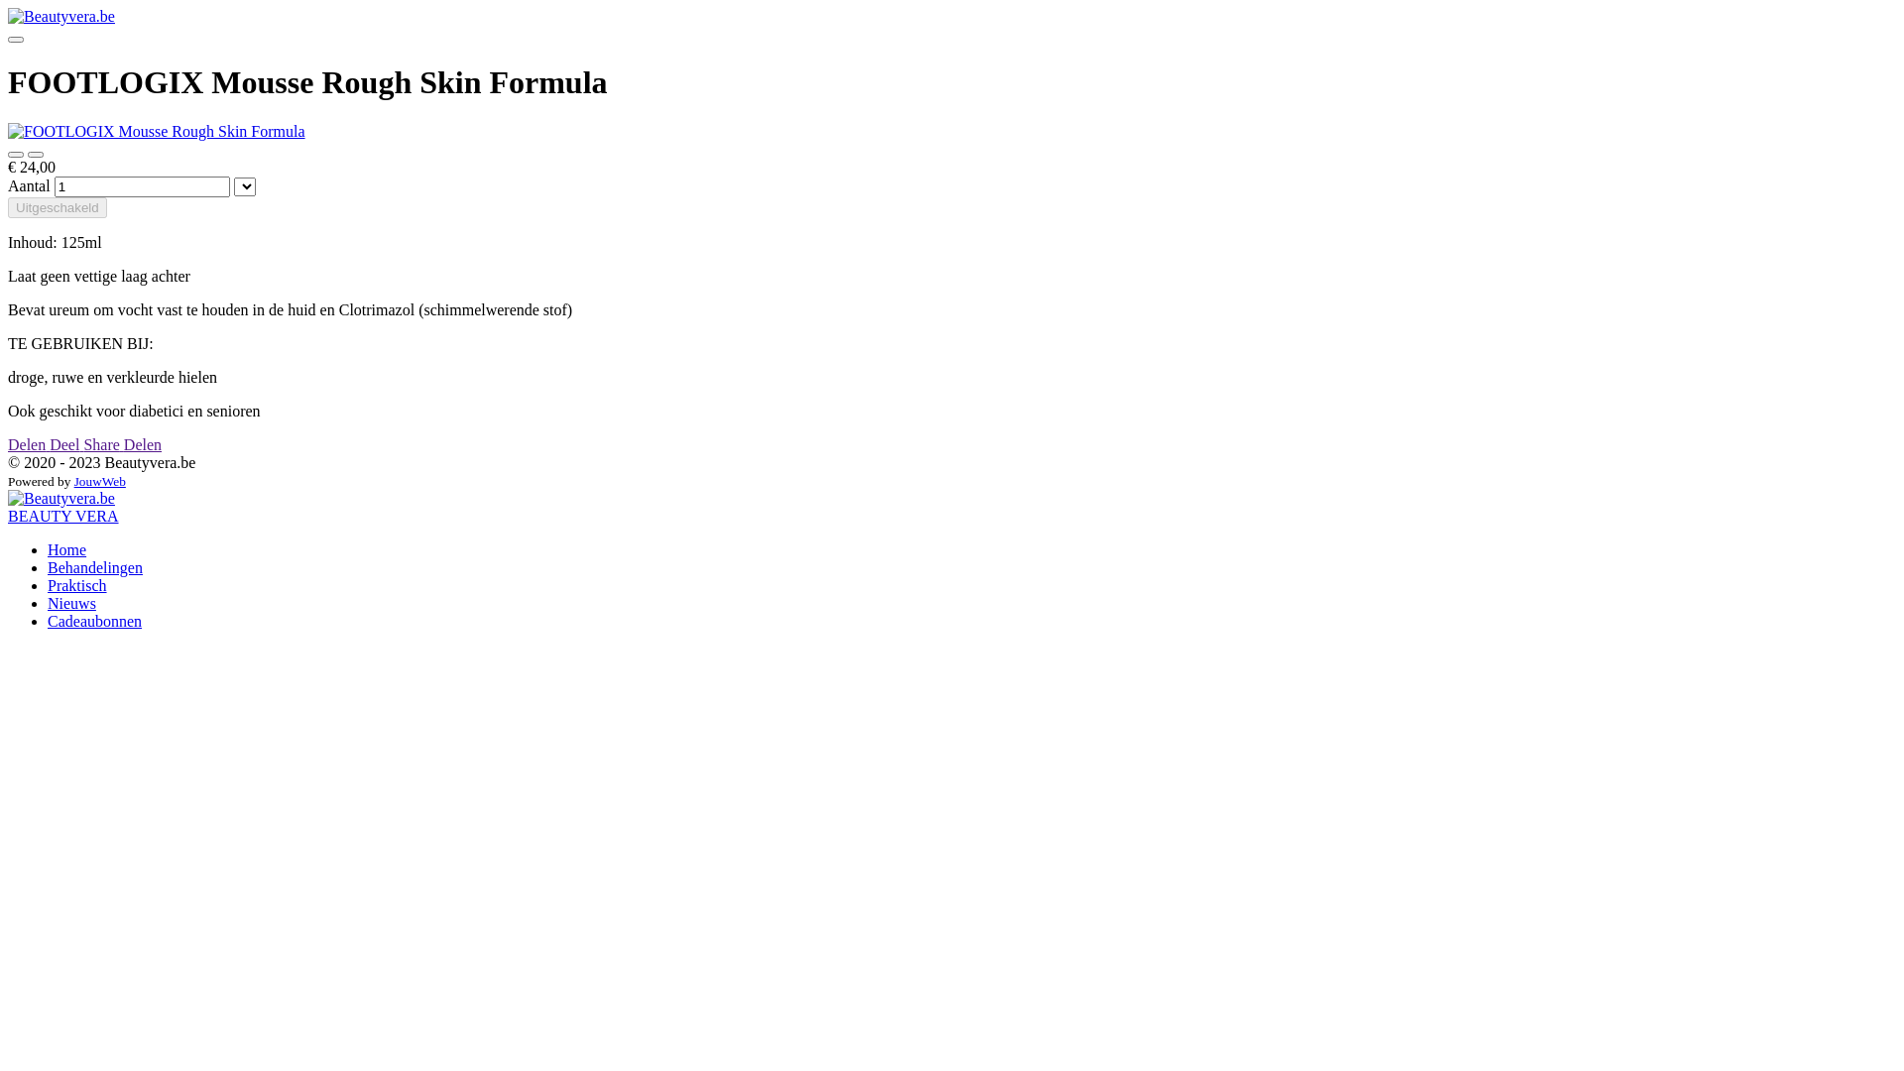 This screenshot has width=1904, height=1071. I want to click on 'Uitgeschakeld', so click(57, 207).